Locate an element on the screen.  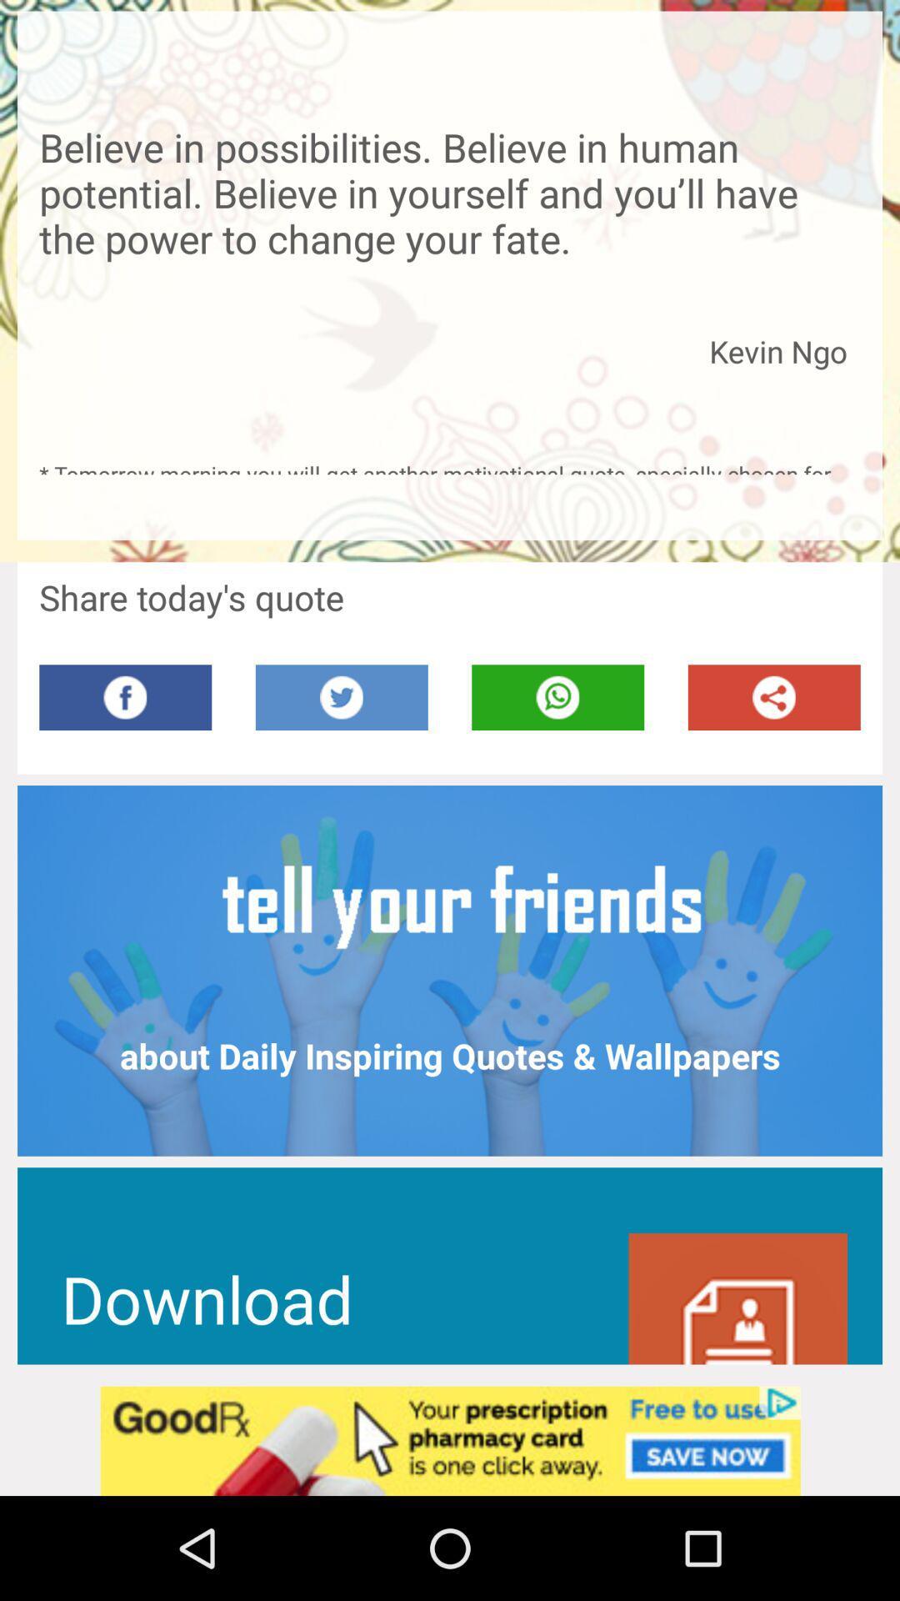
whatsapp image is located at coordinates (557, 697).